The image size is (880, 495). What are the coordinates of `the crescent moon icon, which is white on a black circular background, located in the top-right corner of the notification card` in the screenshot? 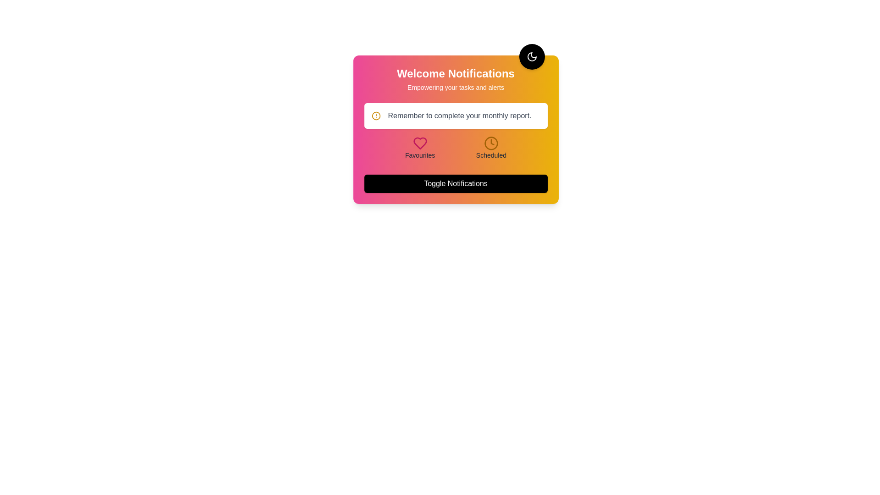 It's located at (532, 56).